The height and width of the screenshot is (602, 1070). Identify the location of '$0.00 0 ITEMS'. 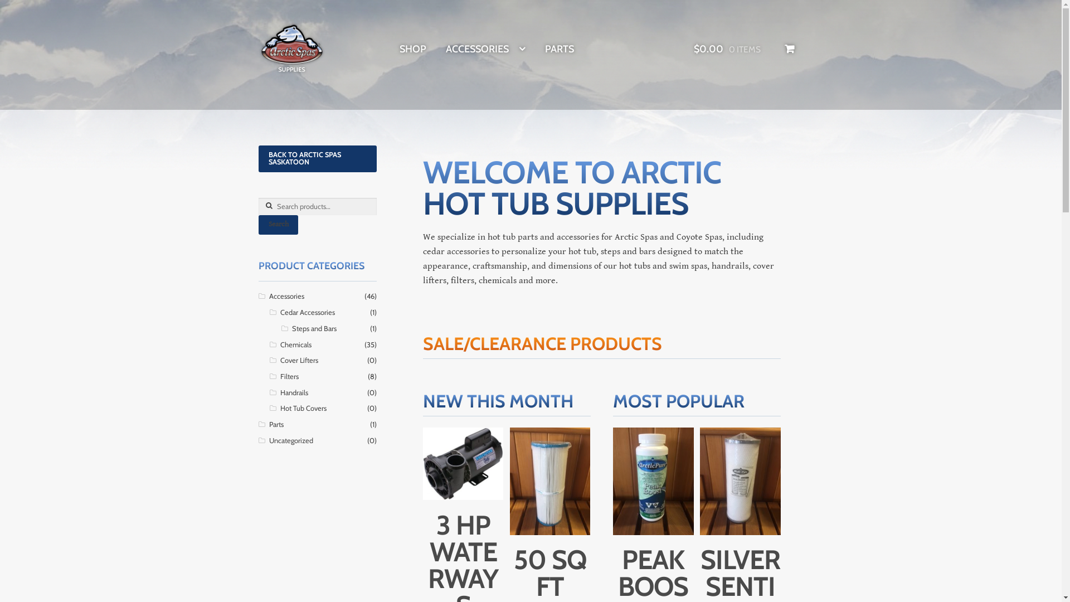
(744, 48).